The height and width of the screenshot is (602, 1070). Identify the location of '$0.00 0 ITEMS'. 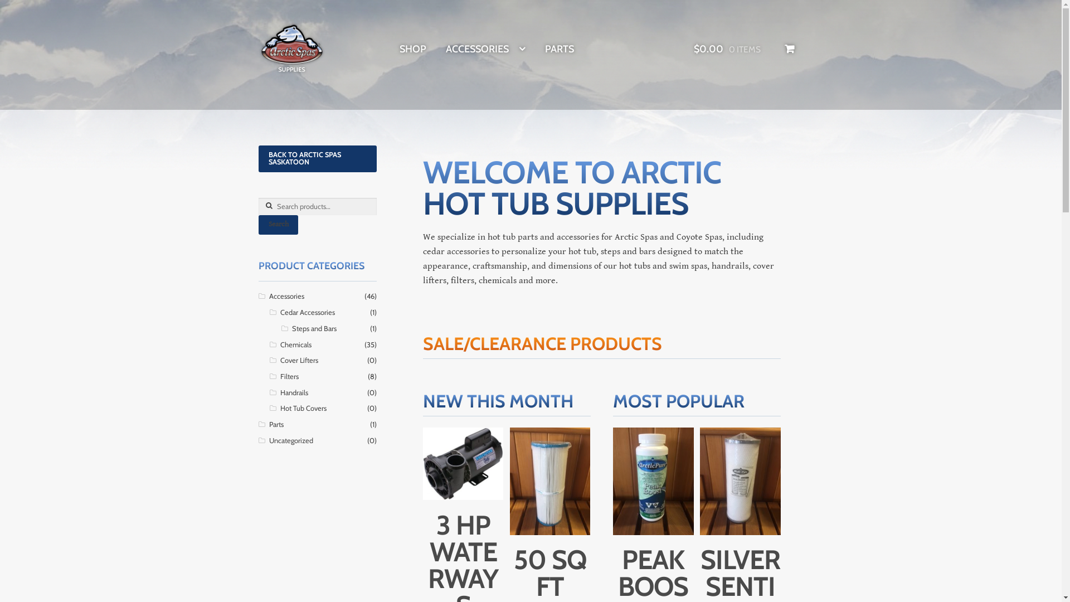
(744, 48).